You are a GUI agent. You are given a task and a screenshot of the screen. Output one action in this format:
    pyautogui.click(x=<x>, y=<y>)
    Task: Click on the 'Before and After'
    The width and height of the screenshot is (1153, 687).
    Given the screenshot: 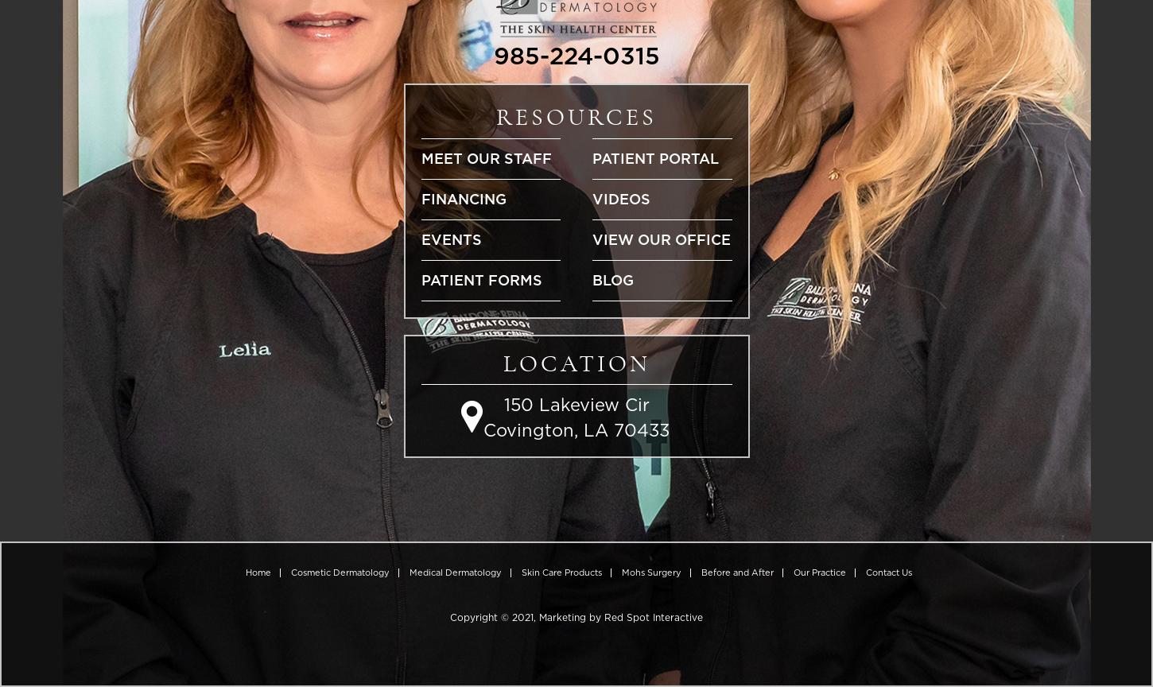 What is the action you would take?
    pyautogui.click(x=736, y=572)
    